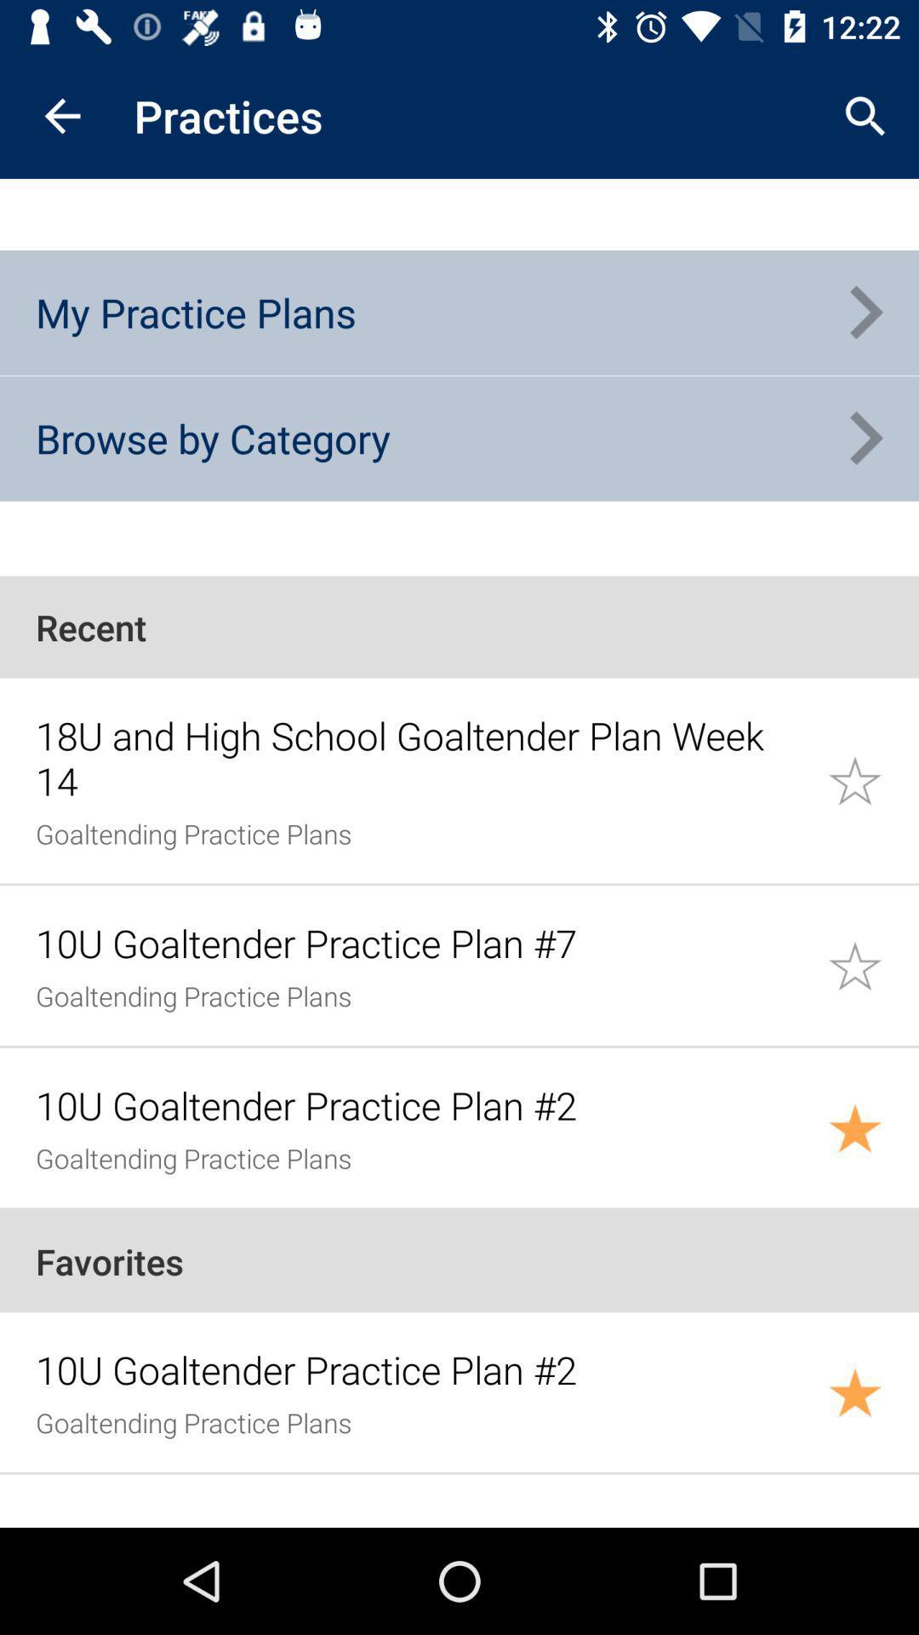  What do you see at coordinates (865, 313) in the screenshot?
I see `icon to the right of my practice plans item` at bounding box center [865, 313].